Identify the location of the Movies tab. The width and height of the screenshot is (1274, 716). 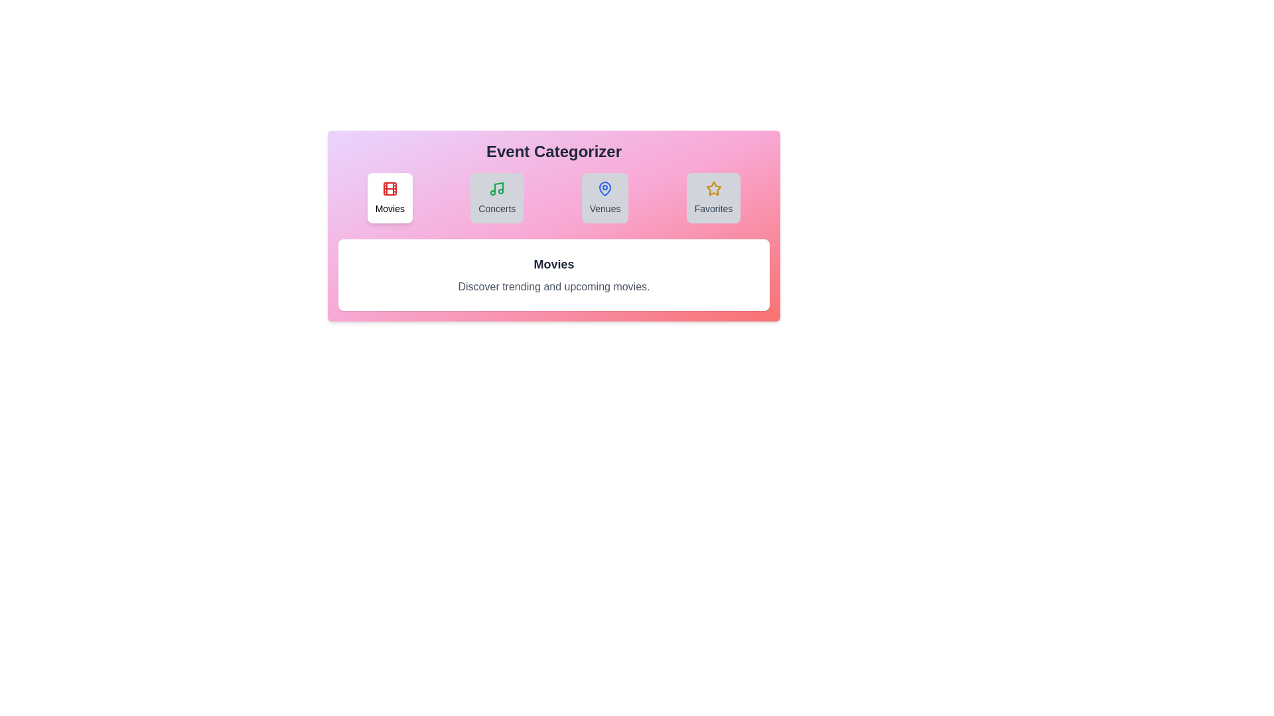
(389, 198).